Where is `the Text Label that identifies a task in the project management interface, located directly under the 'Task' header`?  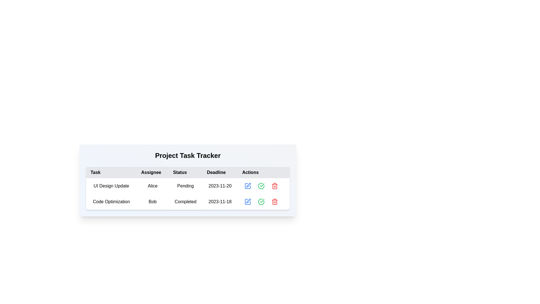 the Text Label that identifies a task in the project management interface, located directly under the 'Task' header is located at coordinates (111, 186).